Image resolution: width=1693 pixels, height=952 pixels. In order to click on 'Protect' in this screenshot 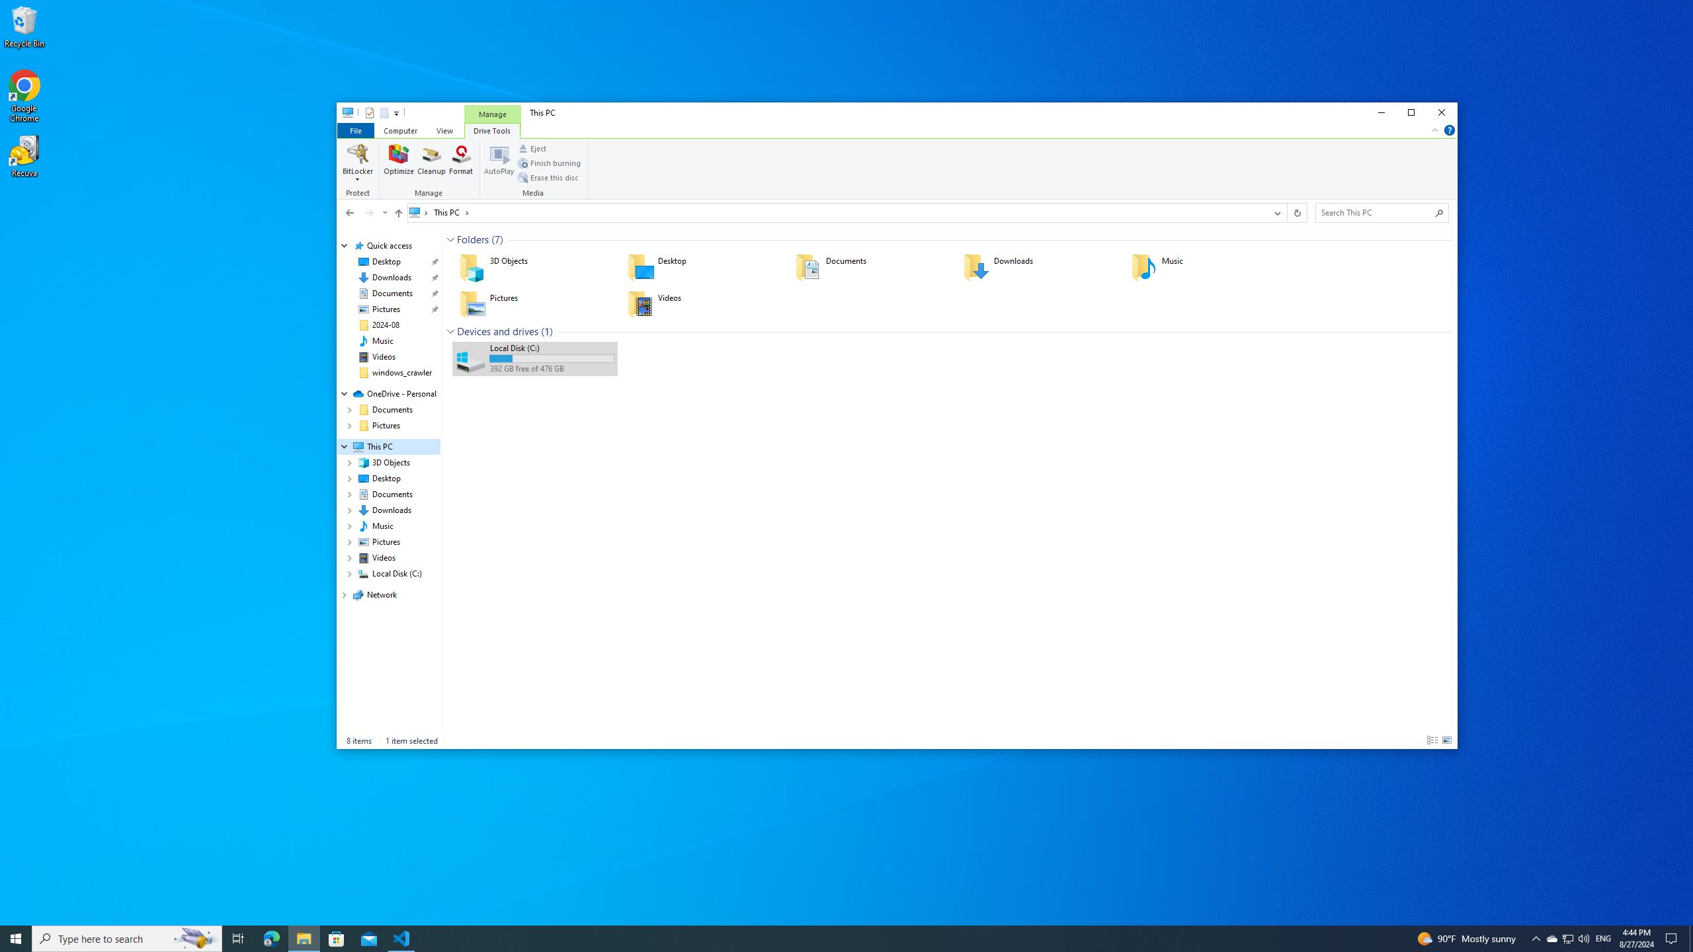, I will do `click(359, 169)`.